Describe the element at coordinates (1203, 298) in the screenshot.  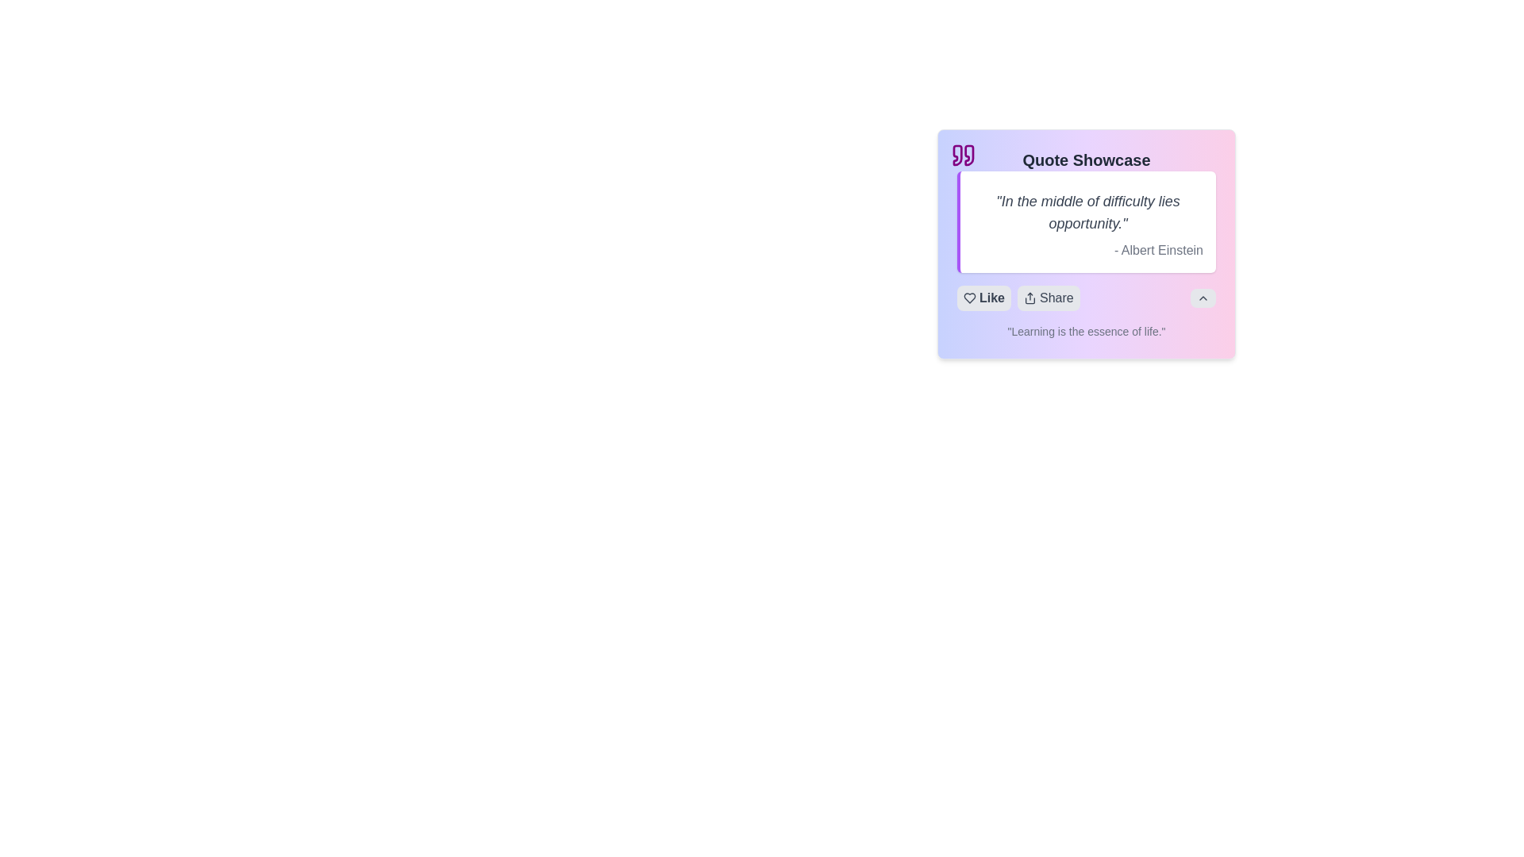
I see `the upward-facing chevron icon button located at the top-right corner of the card interface` at that location.